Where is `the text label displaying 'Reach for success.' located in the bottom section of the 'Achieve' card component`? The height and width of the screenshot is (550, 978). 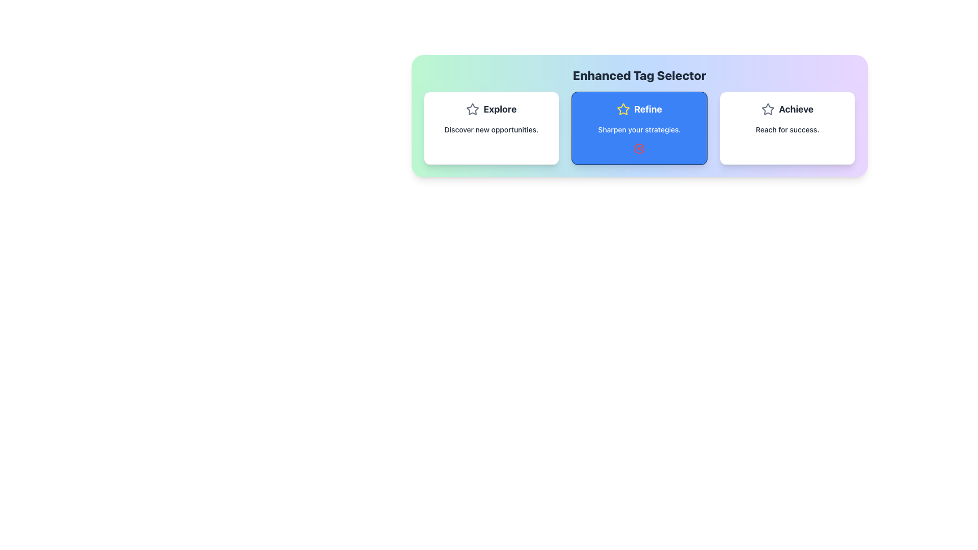 the text label displaying 'Reach for success.' located in the bottom section of the 'Achieve' card component is located at coordinates (787, 129).